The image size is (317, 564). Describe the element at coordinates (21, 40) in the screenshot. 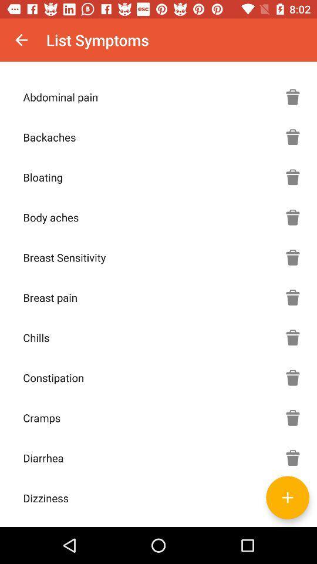

I see `item to the left of the list symptoms` at that location.